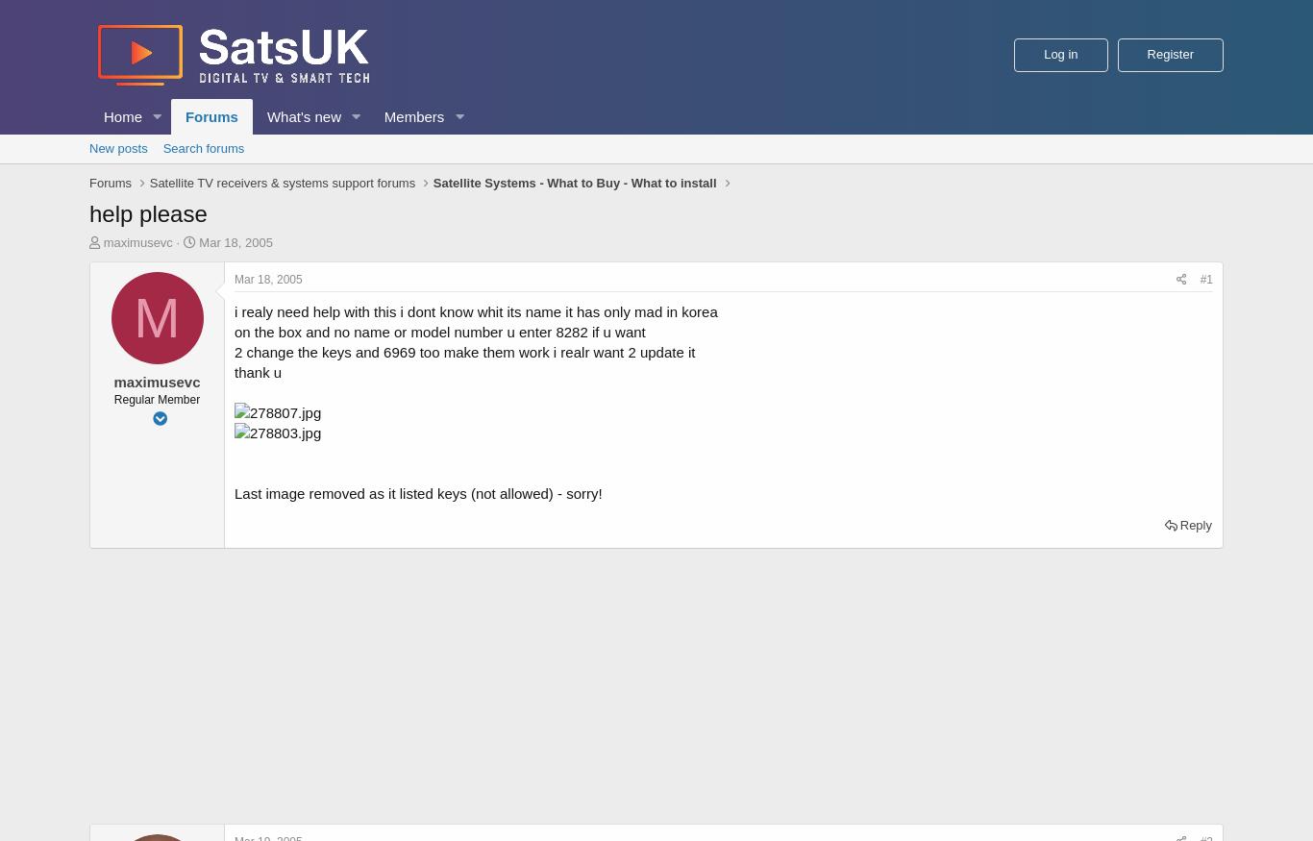 This screenshot has height=841, width=1313. Describe the element at coordinates (1170, 53) in the screenshot. I see `'Register'` at that location.